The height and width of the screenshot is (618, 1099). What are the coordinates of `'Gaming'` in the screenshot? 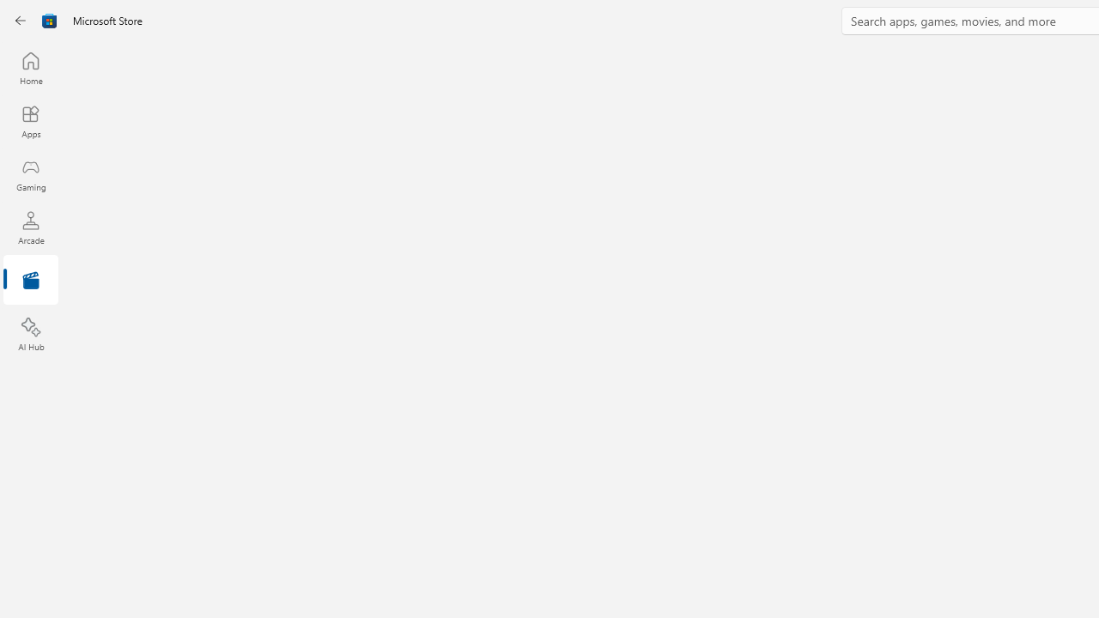 It's located at (30, 174).